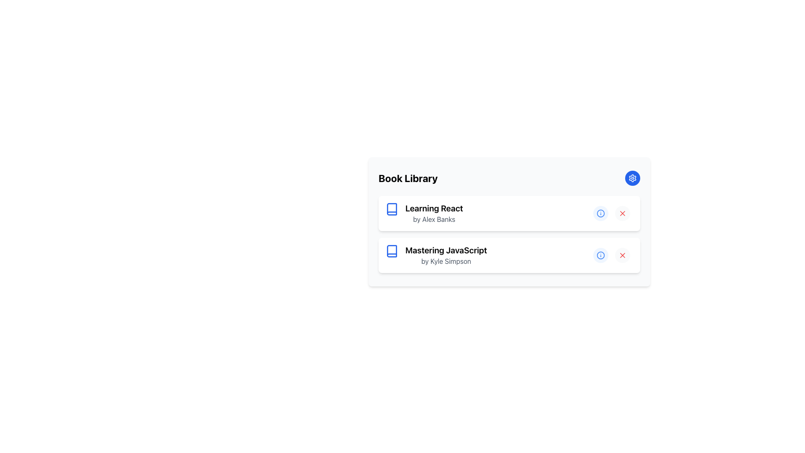  Describe the element at coordinates (632, 177) in the screenshot. I see `the settings button located in the top-right corner of the 'Book Library' section` at that location.